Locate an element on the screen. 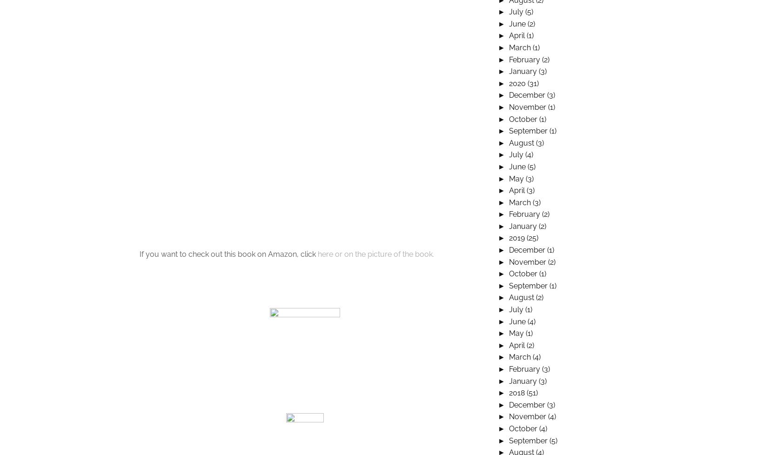  '(51)' is located at coordinates (531, 392).